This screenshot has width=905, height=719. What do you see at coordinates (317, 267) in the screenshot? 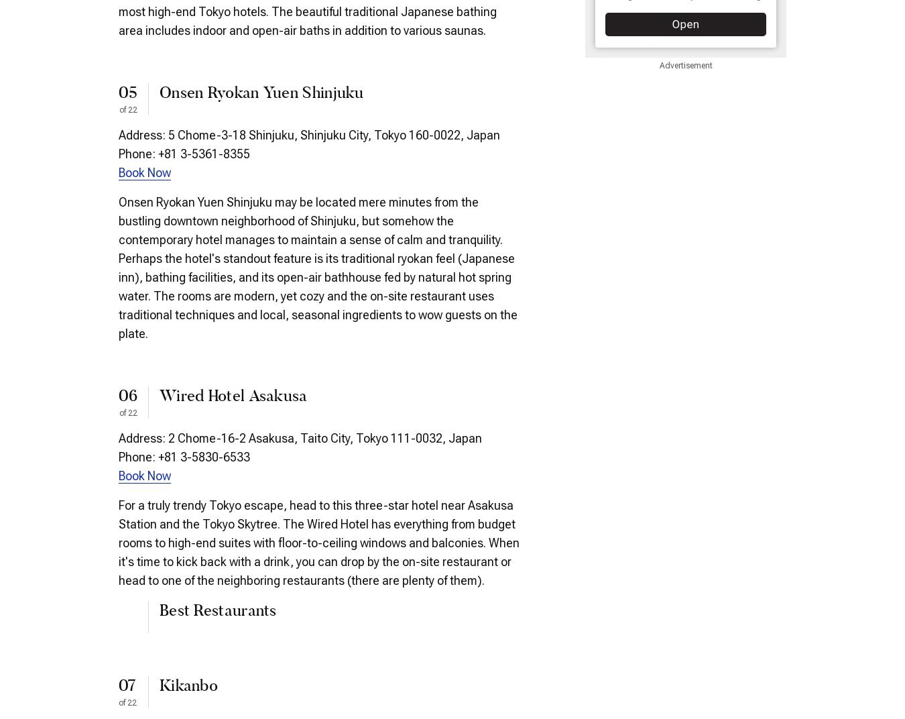
I see `'Onsen Ryokan Yuen Shinjuku may be located mere minutes from the bustling downtown neighborhood of Shinjuku, but somehow the contemporary hotel manages to maintain a sense of calm and tranquility. Perhaps the hotel's standout feature is its traditional ryokan feel (Japanese inn), bathing facilities, and its open-air bathhouse fed by natural hot spring water. The rooms are modern, yet cozy and the on-site restaurant uses traditional techniques and local, seasonal ingredients to wow guests on the plate.'` at bounding box center [317, 267].